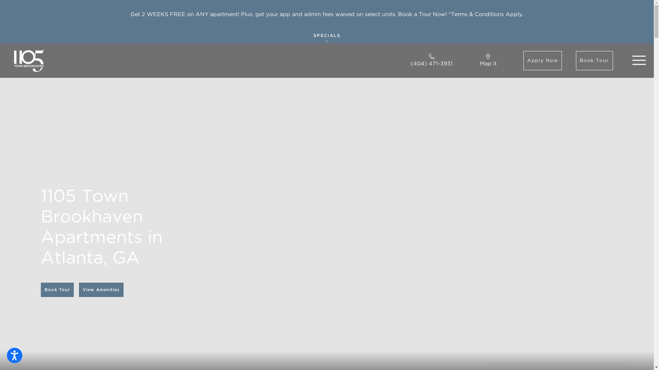 This screenshot has width=659, height=370. Describe the element at coordinates (594, 60) in the screenshot. I see `'Book Tour'` at that location.